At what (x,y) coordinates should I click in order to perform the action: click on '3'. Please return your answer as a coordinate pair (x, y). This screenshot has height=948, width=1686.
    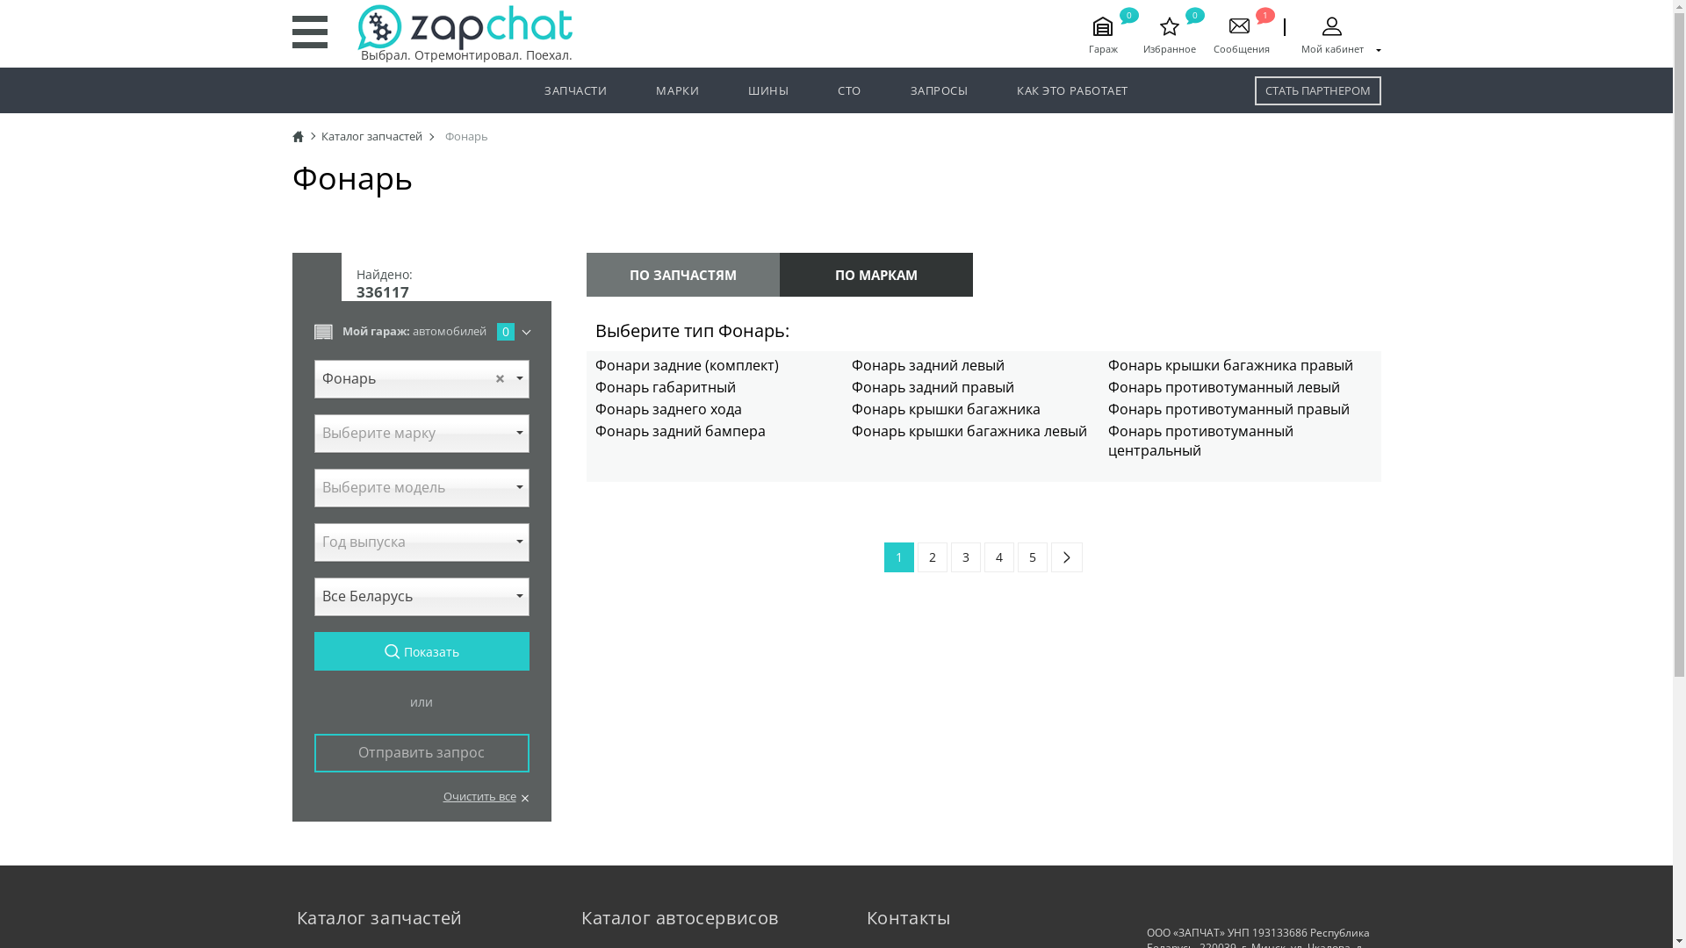
    Looking at the image, I should click on (964, 557).